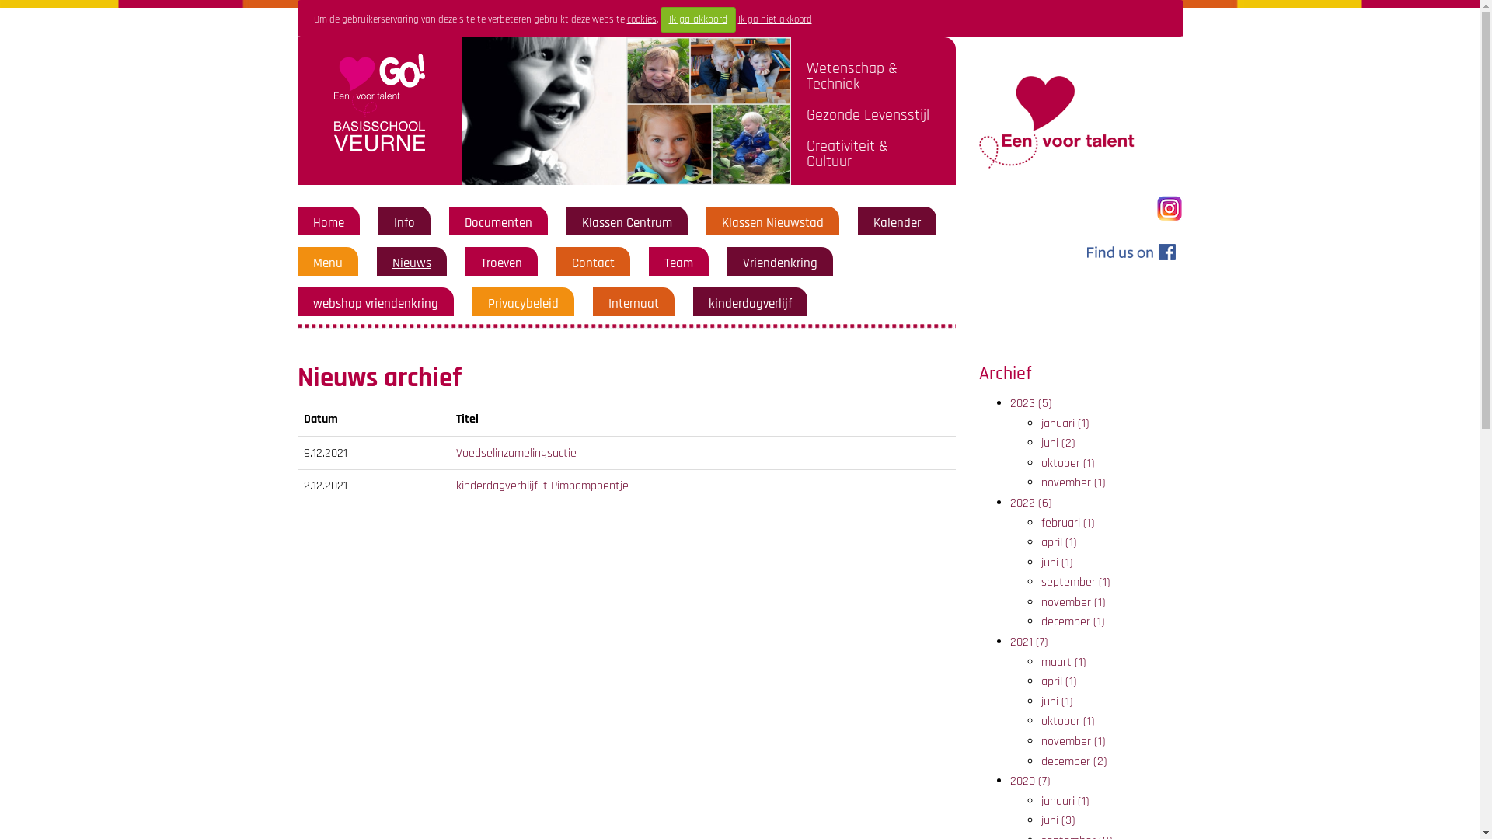  I want to click on 'Team', so click(678, 263).